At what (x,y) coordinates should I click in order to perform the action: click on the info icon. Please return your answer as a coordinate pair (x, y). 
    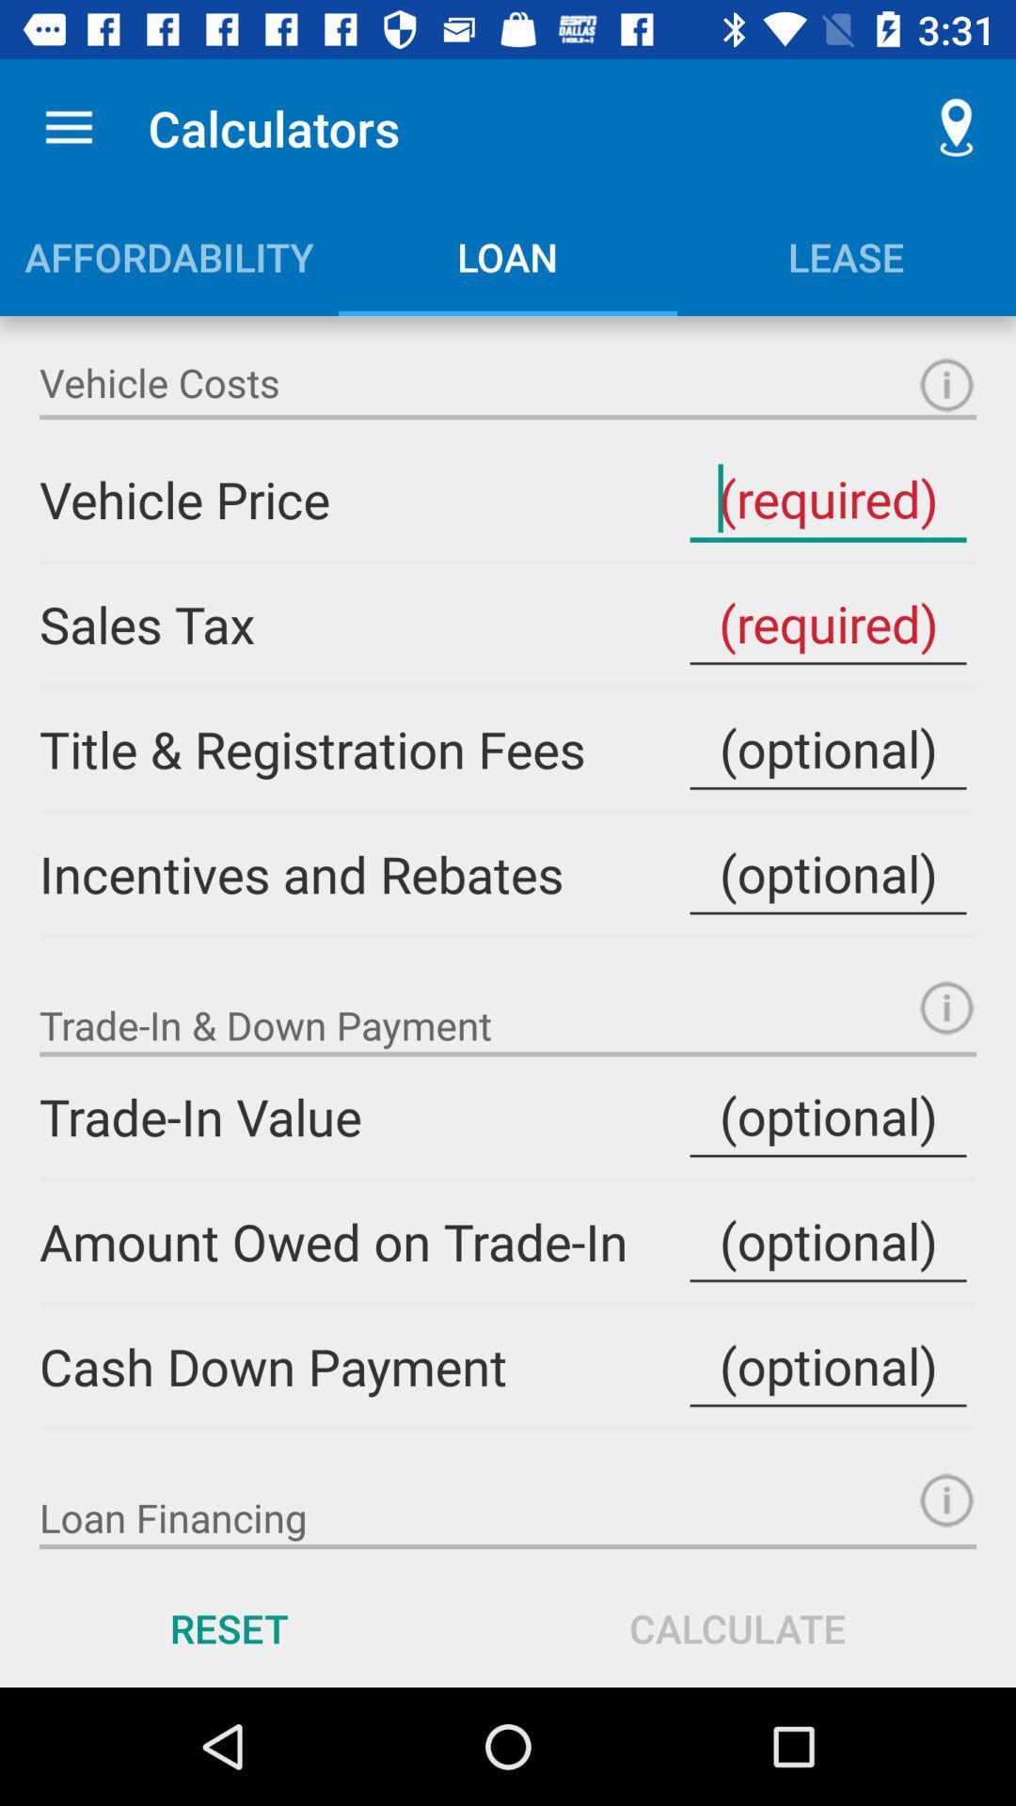
    Looking at the image, I should click on (946, 1006).